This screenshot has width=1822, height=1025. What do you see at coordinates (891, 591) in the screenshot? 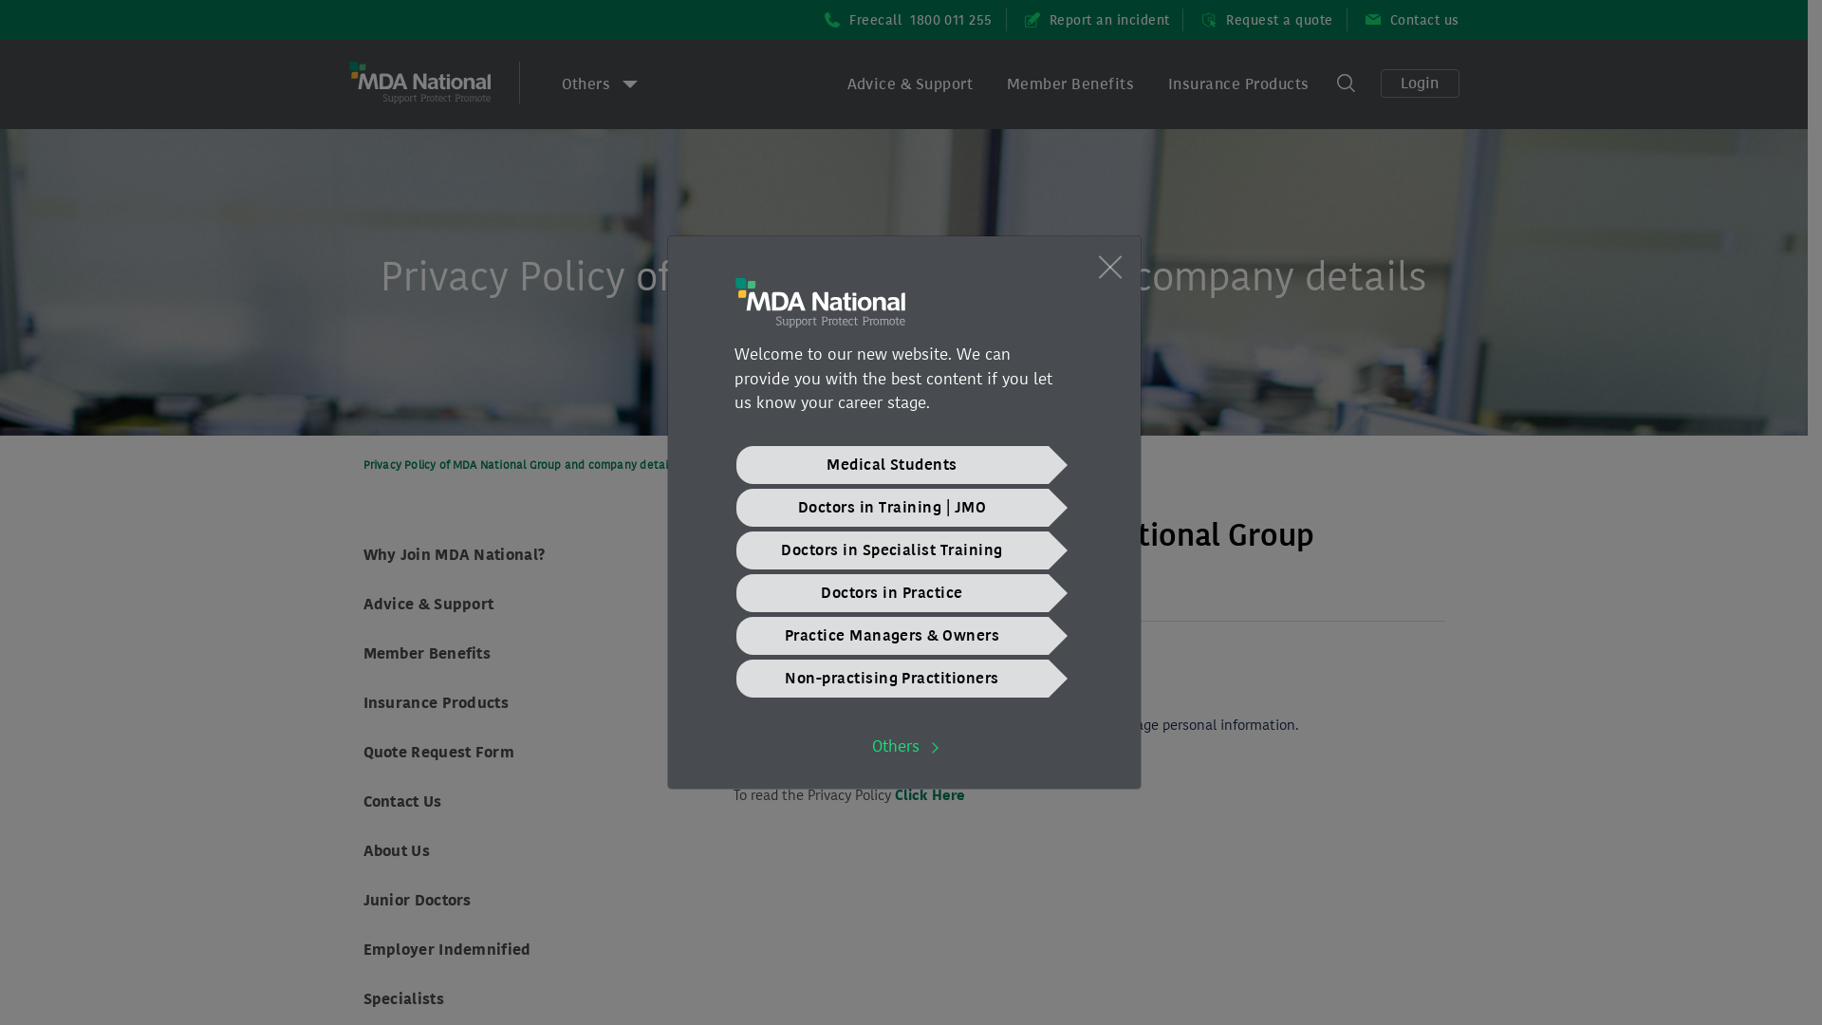
I see `'Doctors in Practice'` at bounding box center [891, 591].